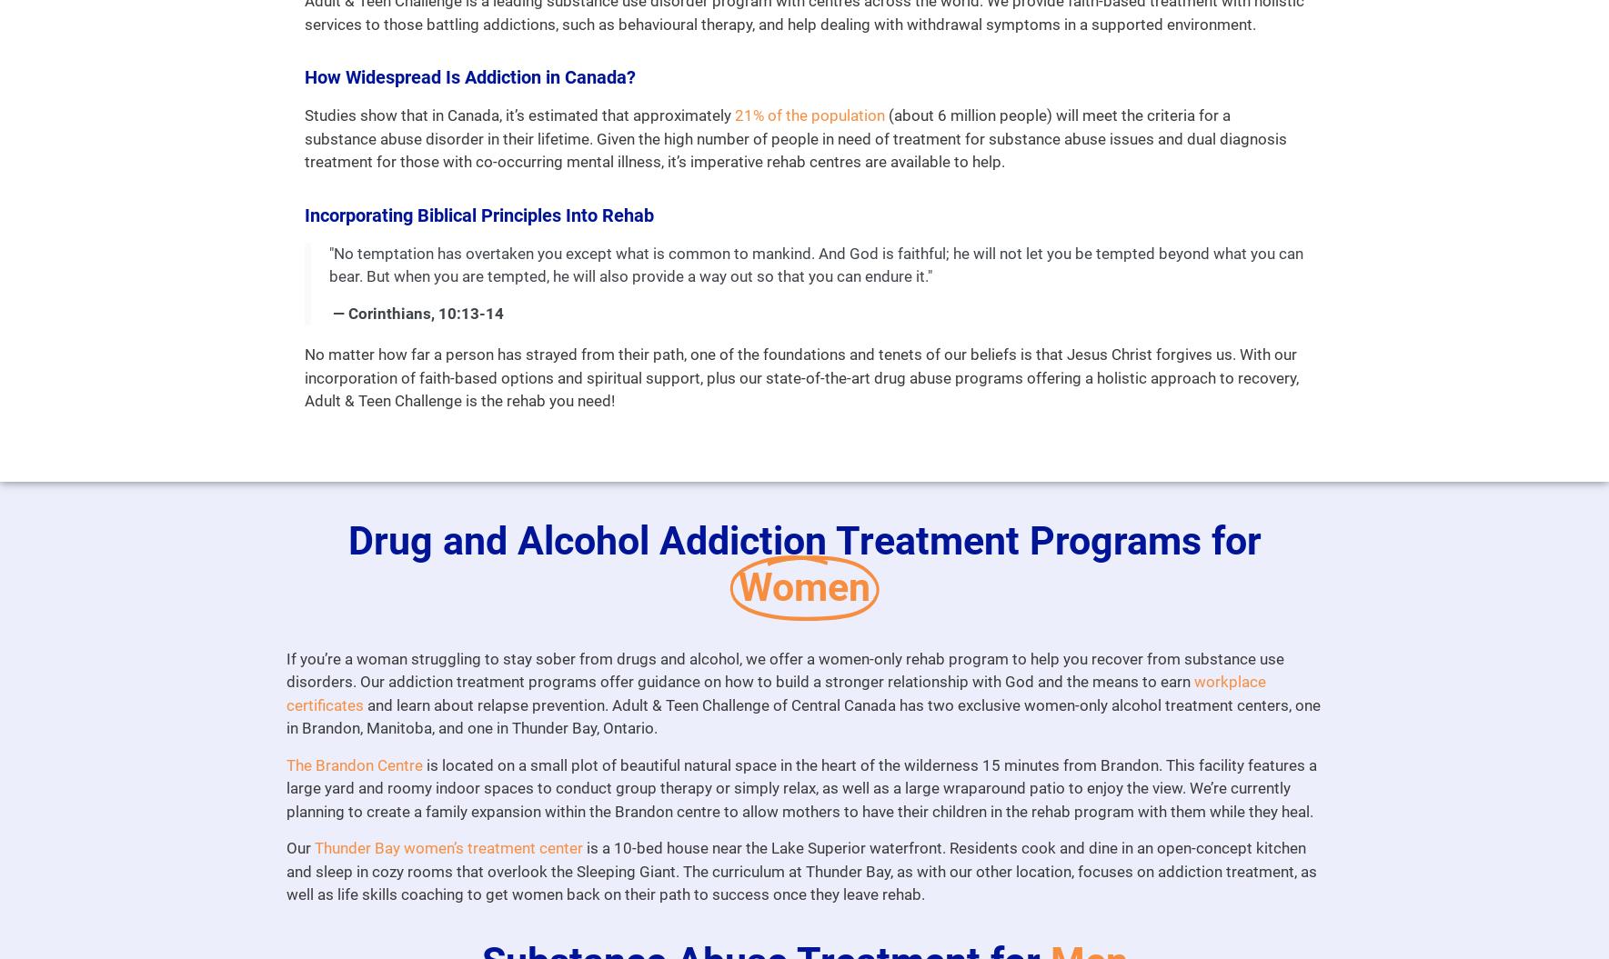 This screenshot has height=959, width=1609. I want to click on 'If you’re a woman struggling to stay sober from drugs and alcohol, we offer a women-only rehab program to help you recover from substance use disorders. Our addiction treatment programs offer guidance on how to build a stronger relationship with God and the means to earn', so click(783, 670).